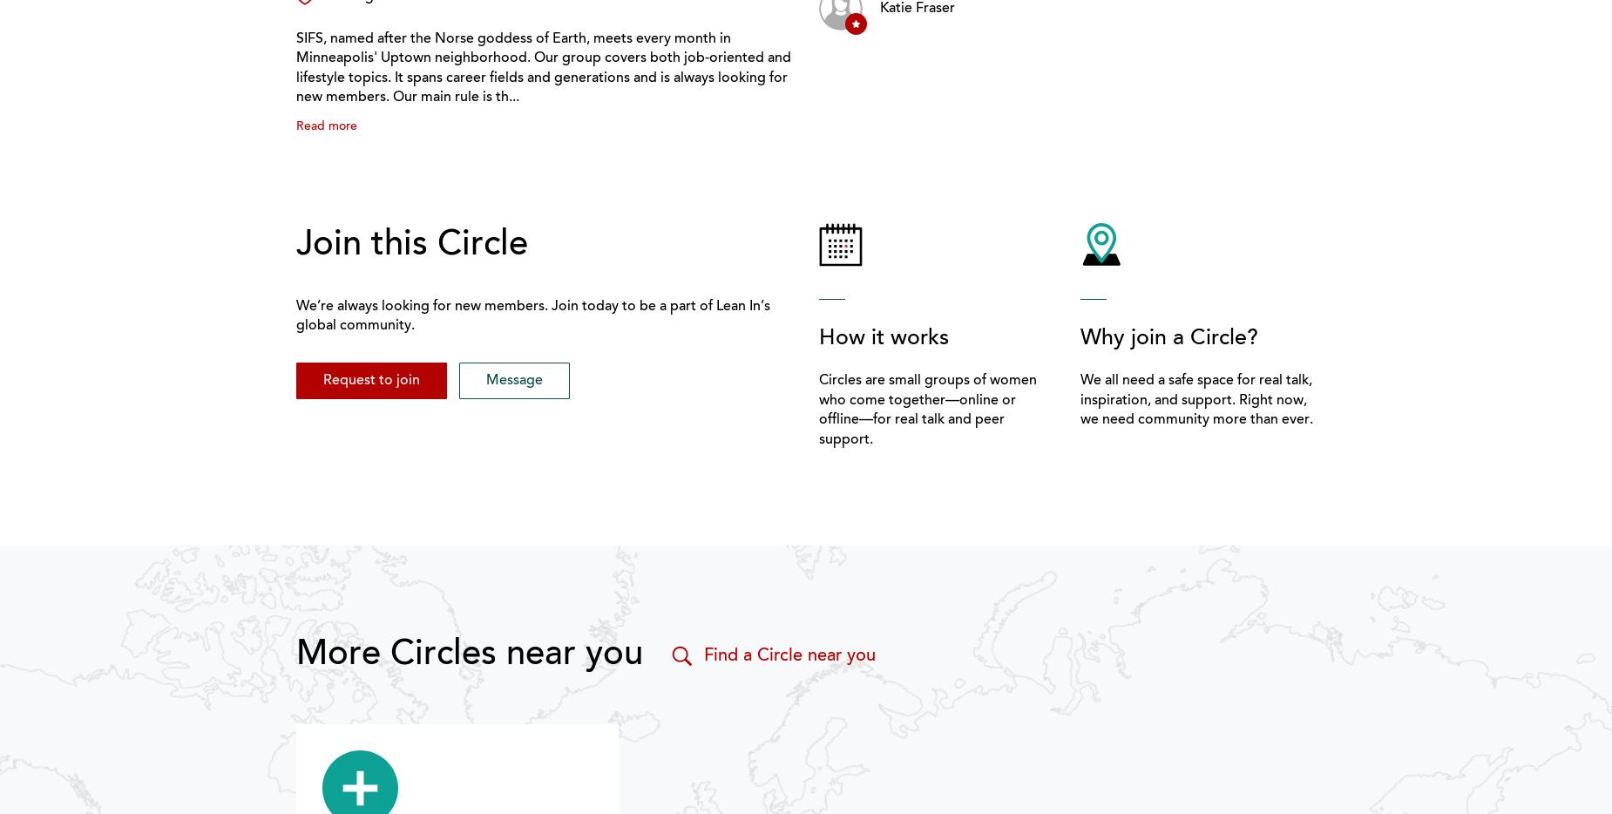 This screenshot has height=814, width=1612. What do you see at coordinates (544, 68) in the screenshot?
I see `'SIFS, named after the Norse goddess of Earth, meets every month in Minneapolis' Uptown neighborhood. Our group covers both job-oriented and lifestyle topics. It spans career fields and generations and is always looking for new members. Our main rule is th...'` at bounding box center [544, 68].